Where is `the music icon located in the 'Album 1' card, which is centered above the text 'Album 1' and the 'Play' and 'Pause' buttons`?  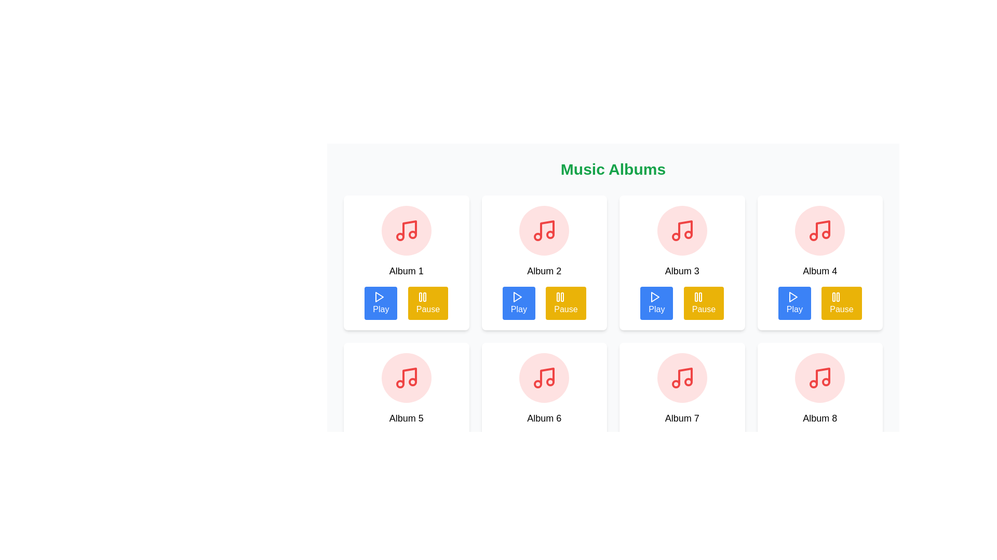 the music icon located in the 'Album 1' card, which is centered above the text 'Album 1' and the 'Play' and 'Pause' buttons is located at coordinates (406, 230).